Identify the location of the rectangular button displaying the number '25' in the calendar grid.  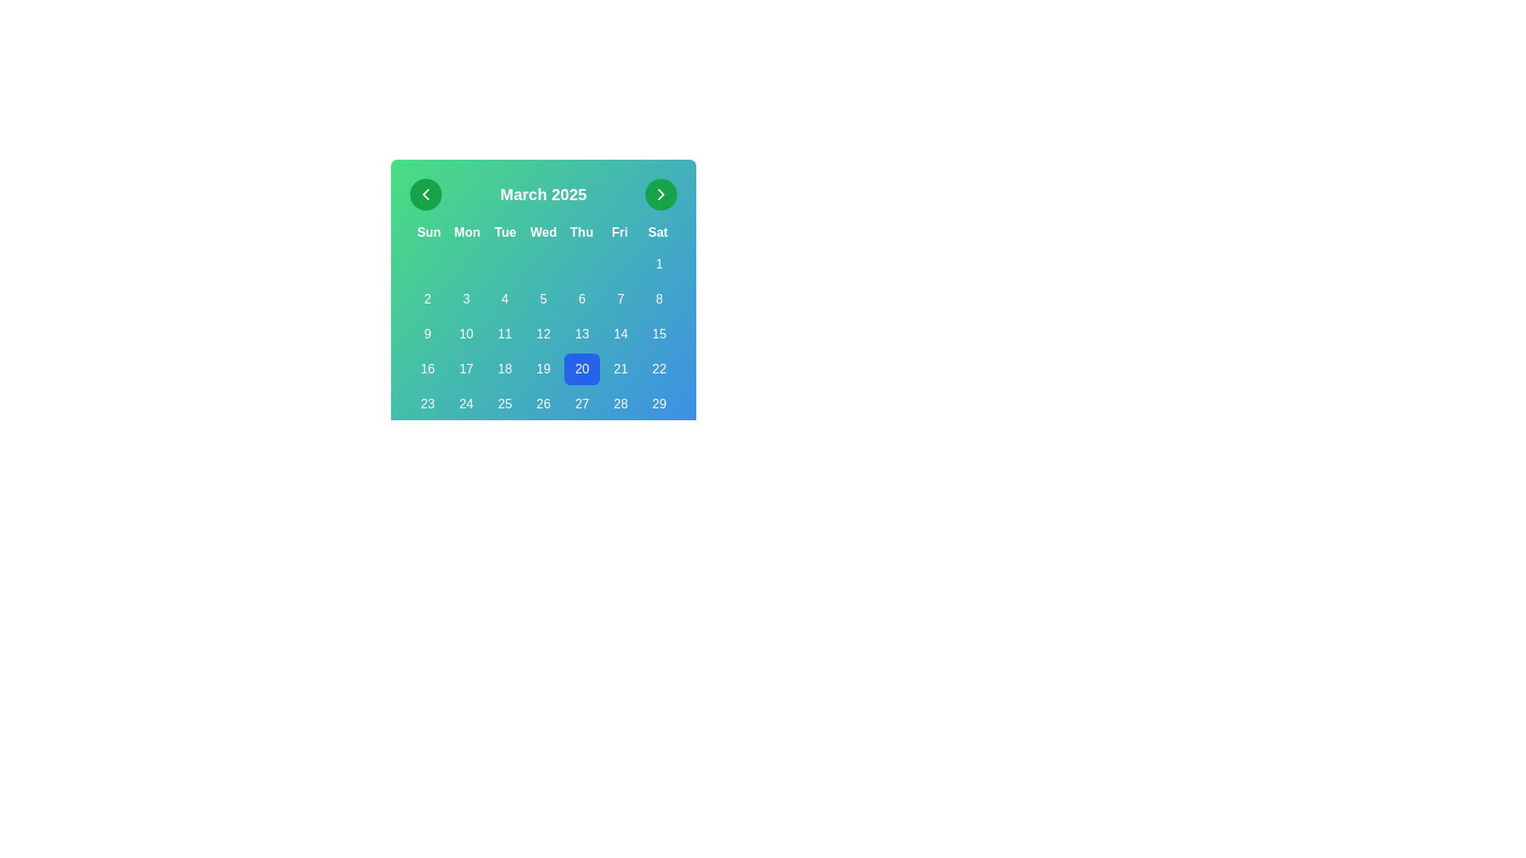
(504, 404).